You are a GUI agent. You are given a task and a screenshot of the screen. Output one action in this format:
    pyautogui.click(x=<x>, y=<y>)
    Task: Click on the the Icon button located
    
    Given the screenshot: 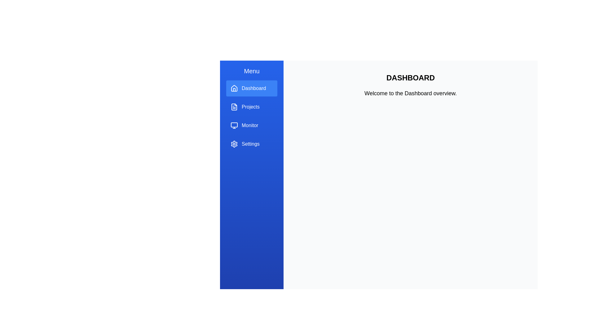 What is the action you would take?
    pyautogui.click(x=234, y=144)
    